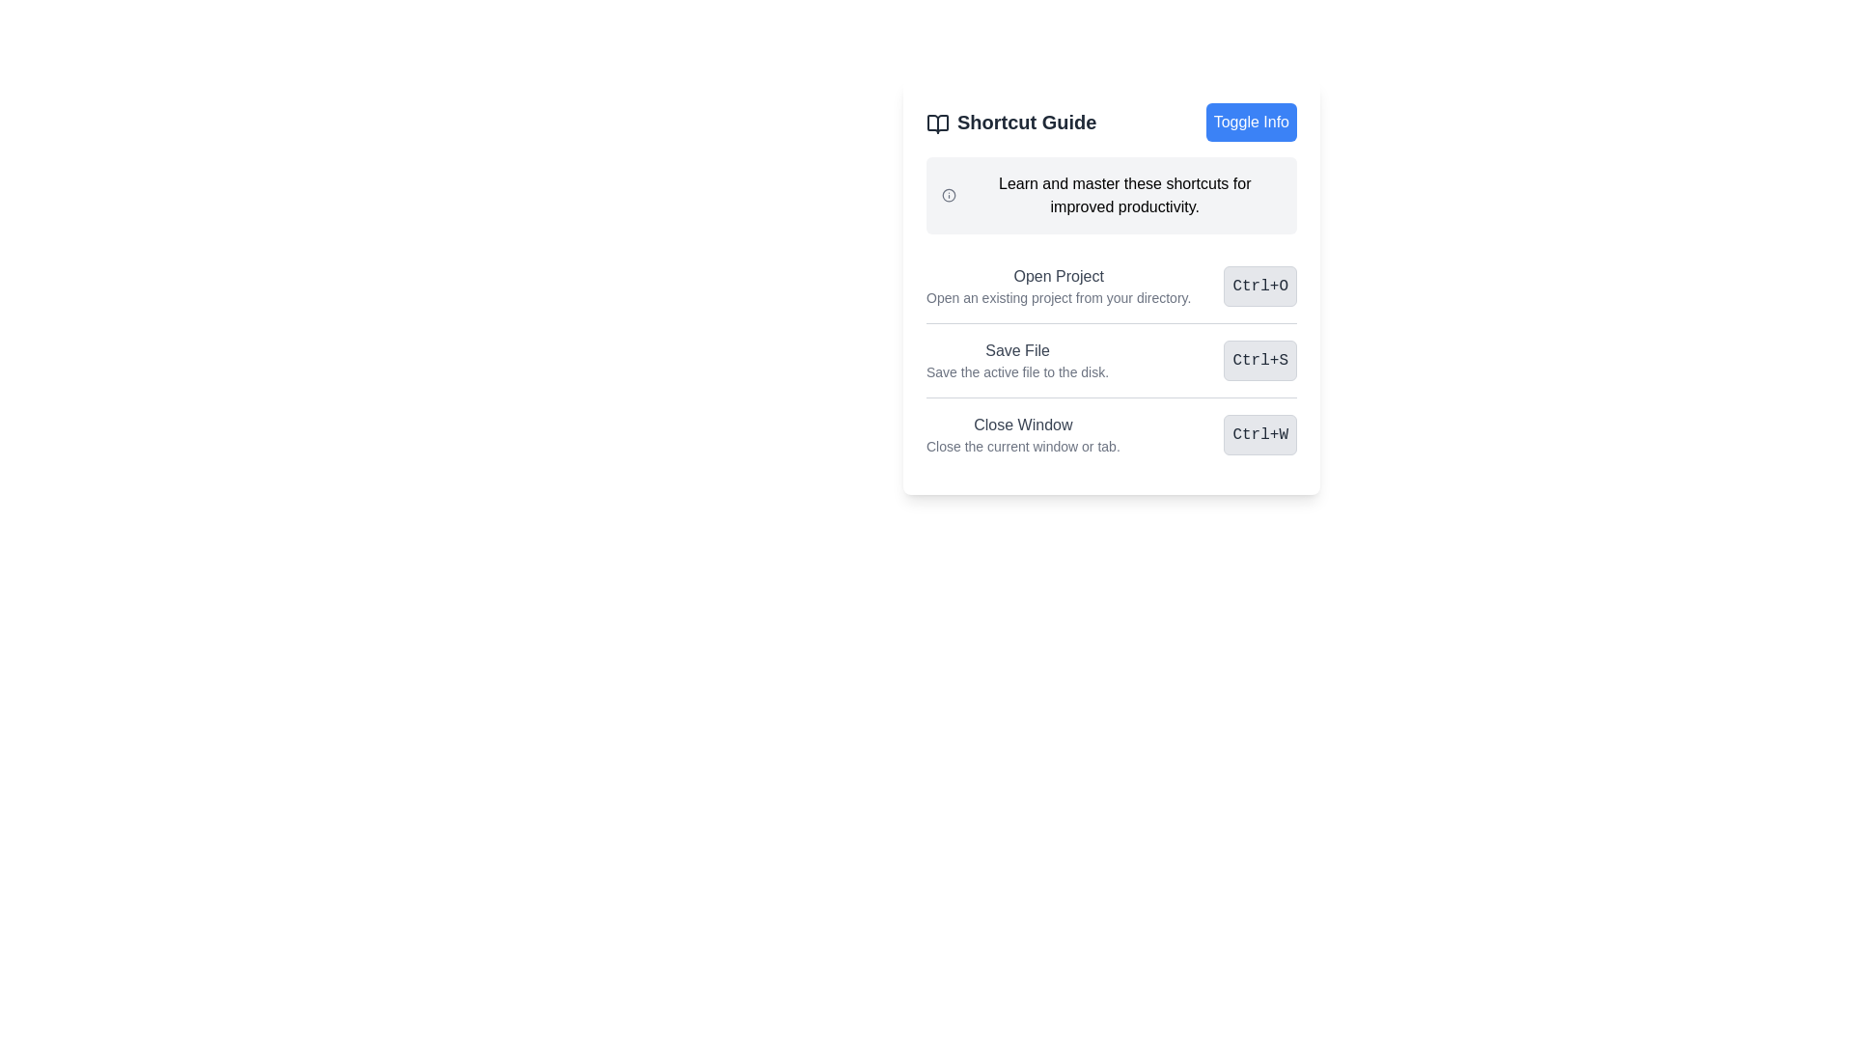 The height and width of the screenshot is (1042, 1853). I want to click on the text label titled 'Open Project' which is located in the modal 'Shortcut Guide', so click(1058, 287).